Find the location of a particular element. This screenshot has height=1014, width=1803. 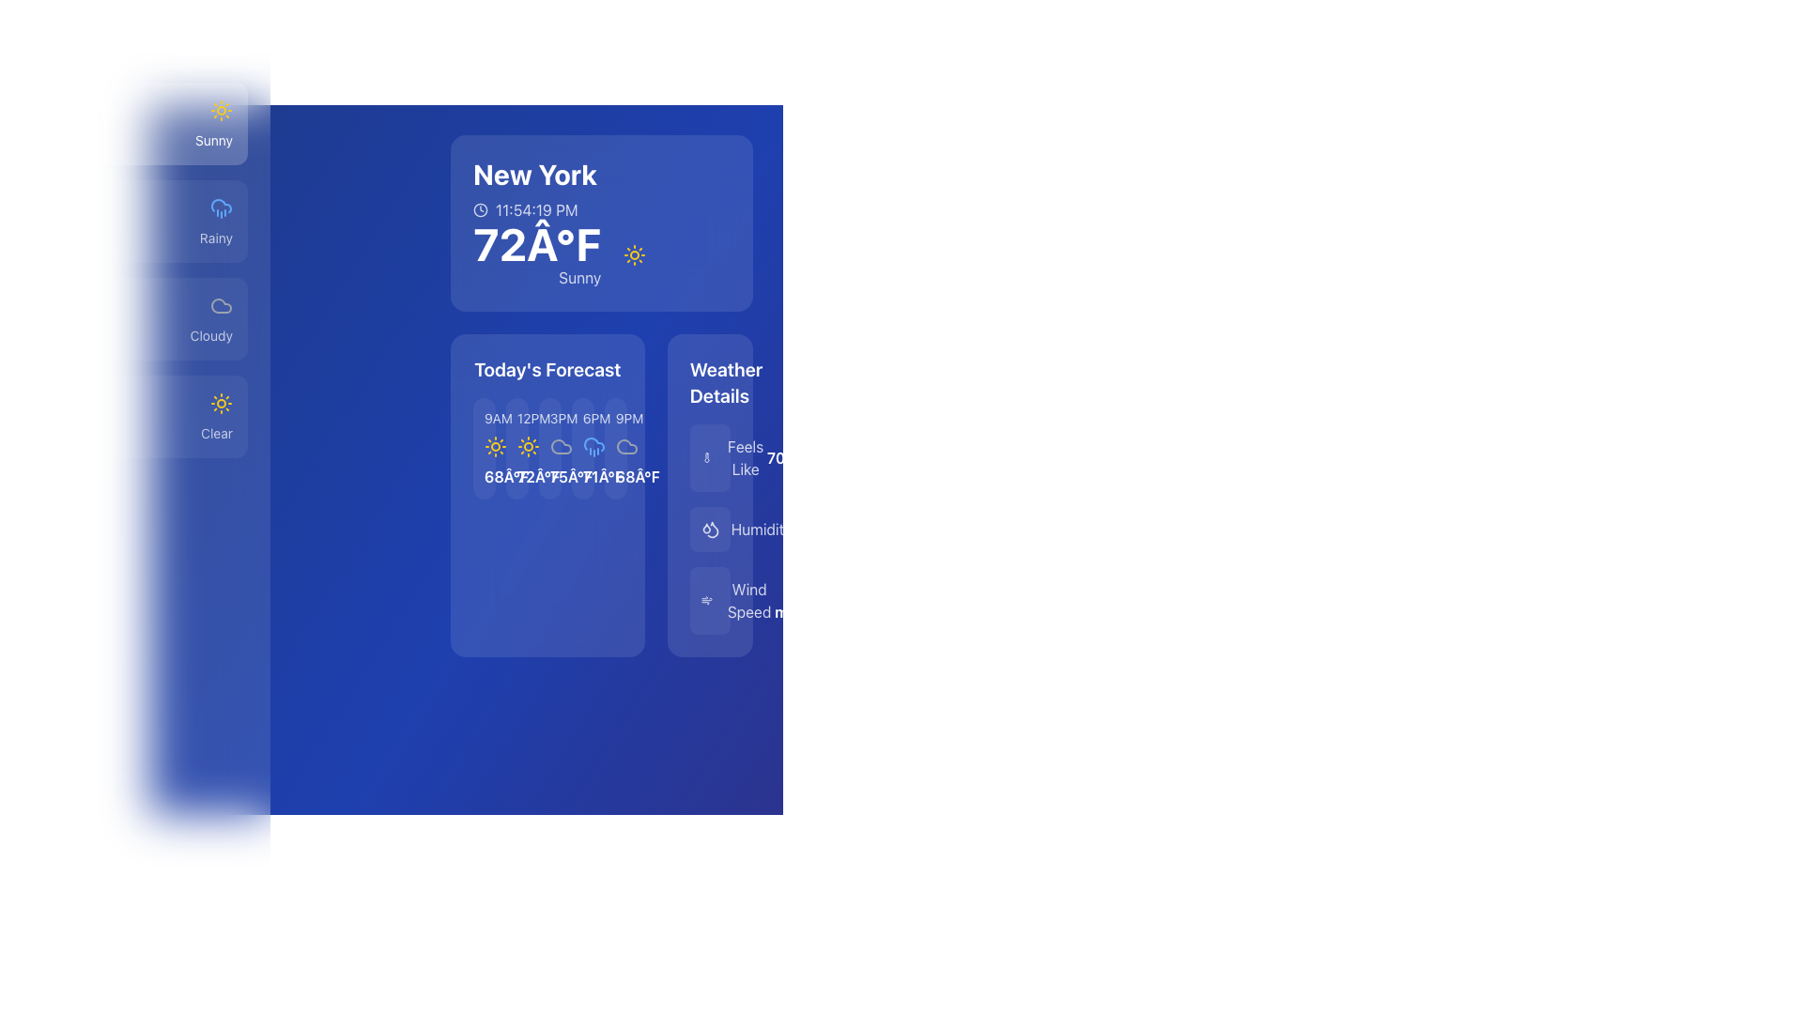

the humidity icon located in the 'Humidity' section of the 'Weather Details' panel on the right half of the interface is located at coordinates (709, 529).